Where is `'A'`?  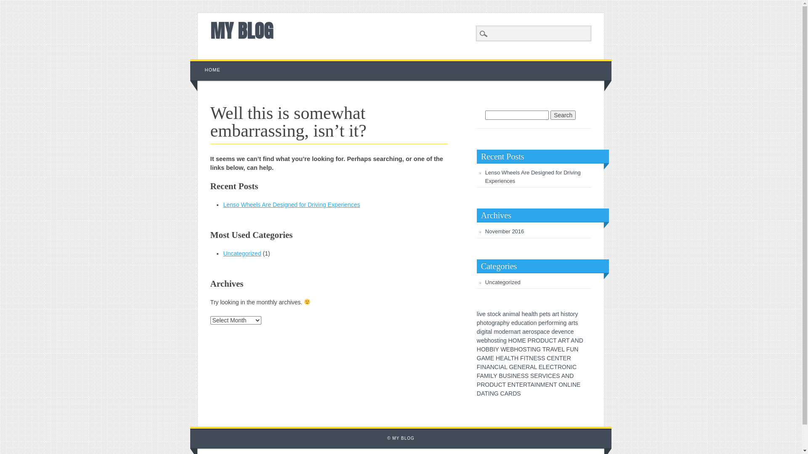 'A' is located at coordinates (572, 340).